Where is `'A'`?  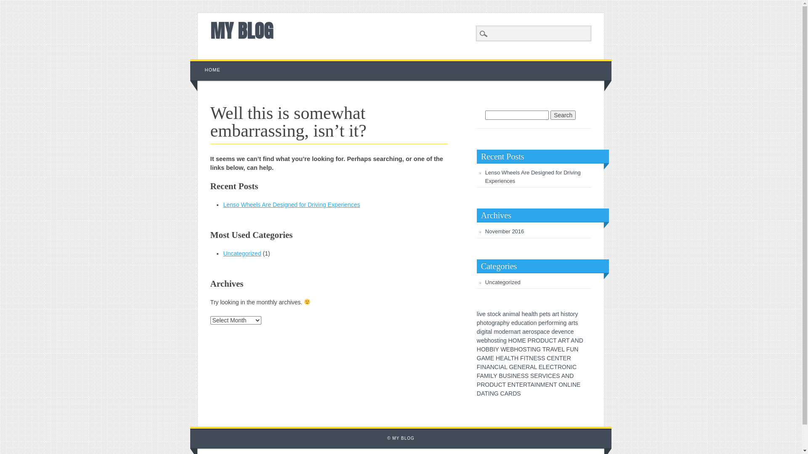 'A' is located at coordinates (572, 340).